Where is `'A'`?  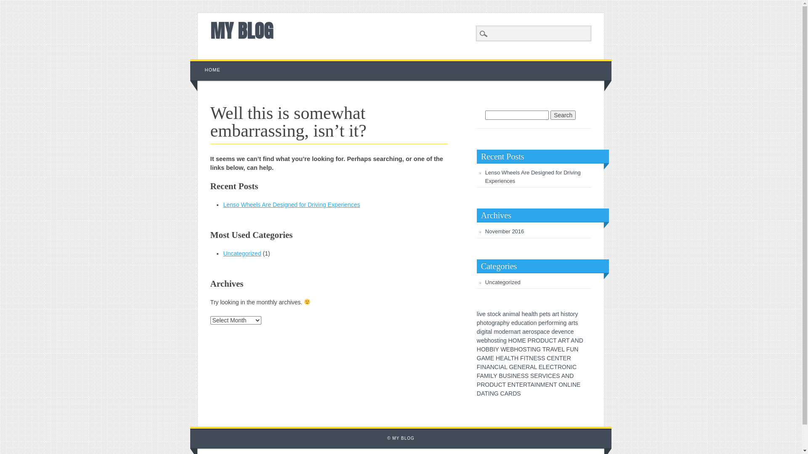 'A' is located at coordinates (572, 340).